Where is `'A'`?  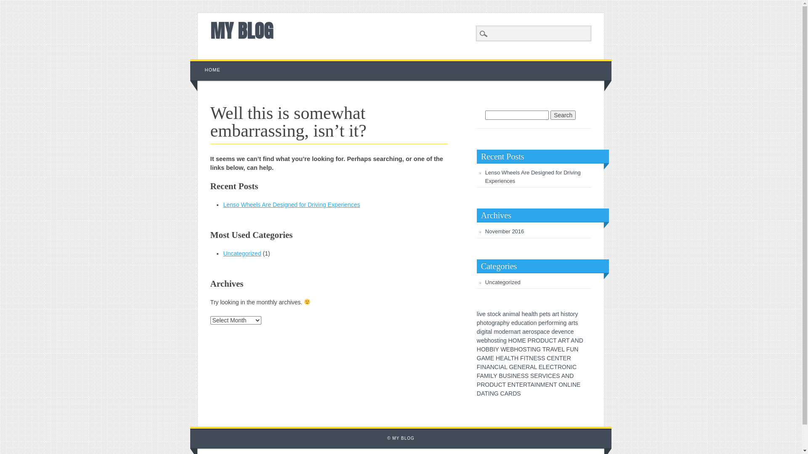 'A' is located at coordinates (572, 340).